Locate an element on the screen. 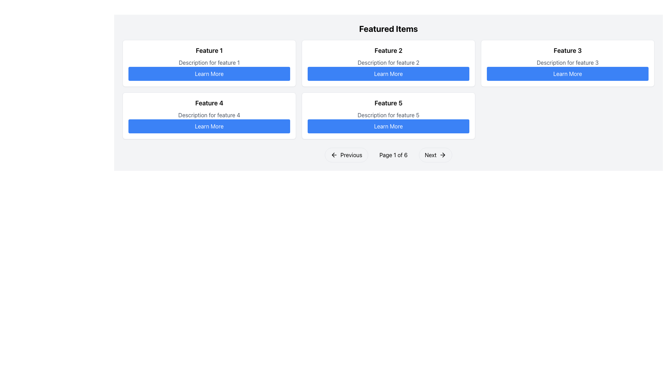  the text element displaying 'Feature 1', which serves as the header for the information below is located at coordinates (209, 50).